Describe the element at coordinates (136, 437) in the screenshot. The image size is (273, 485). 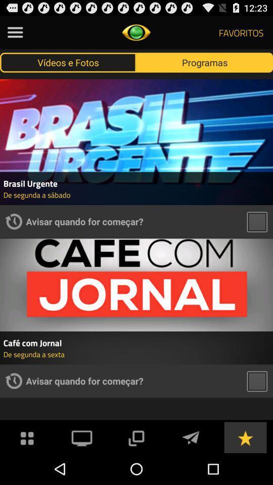
I see `the app below avisar quando for app` at that location.